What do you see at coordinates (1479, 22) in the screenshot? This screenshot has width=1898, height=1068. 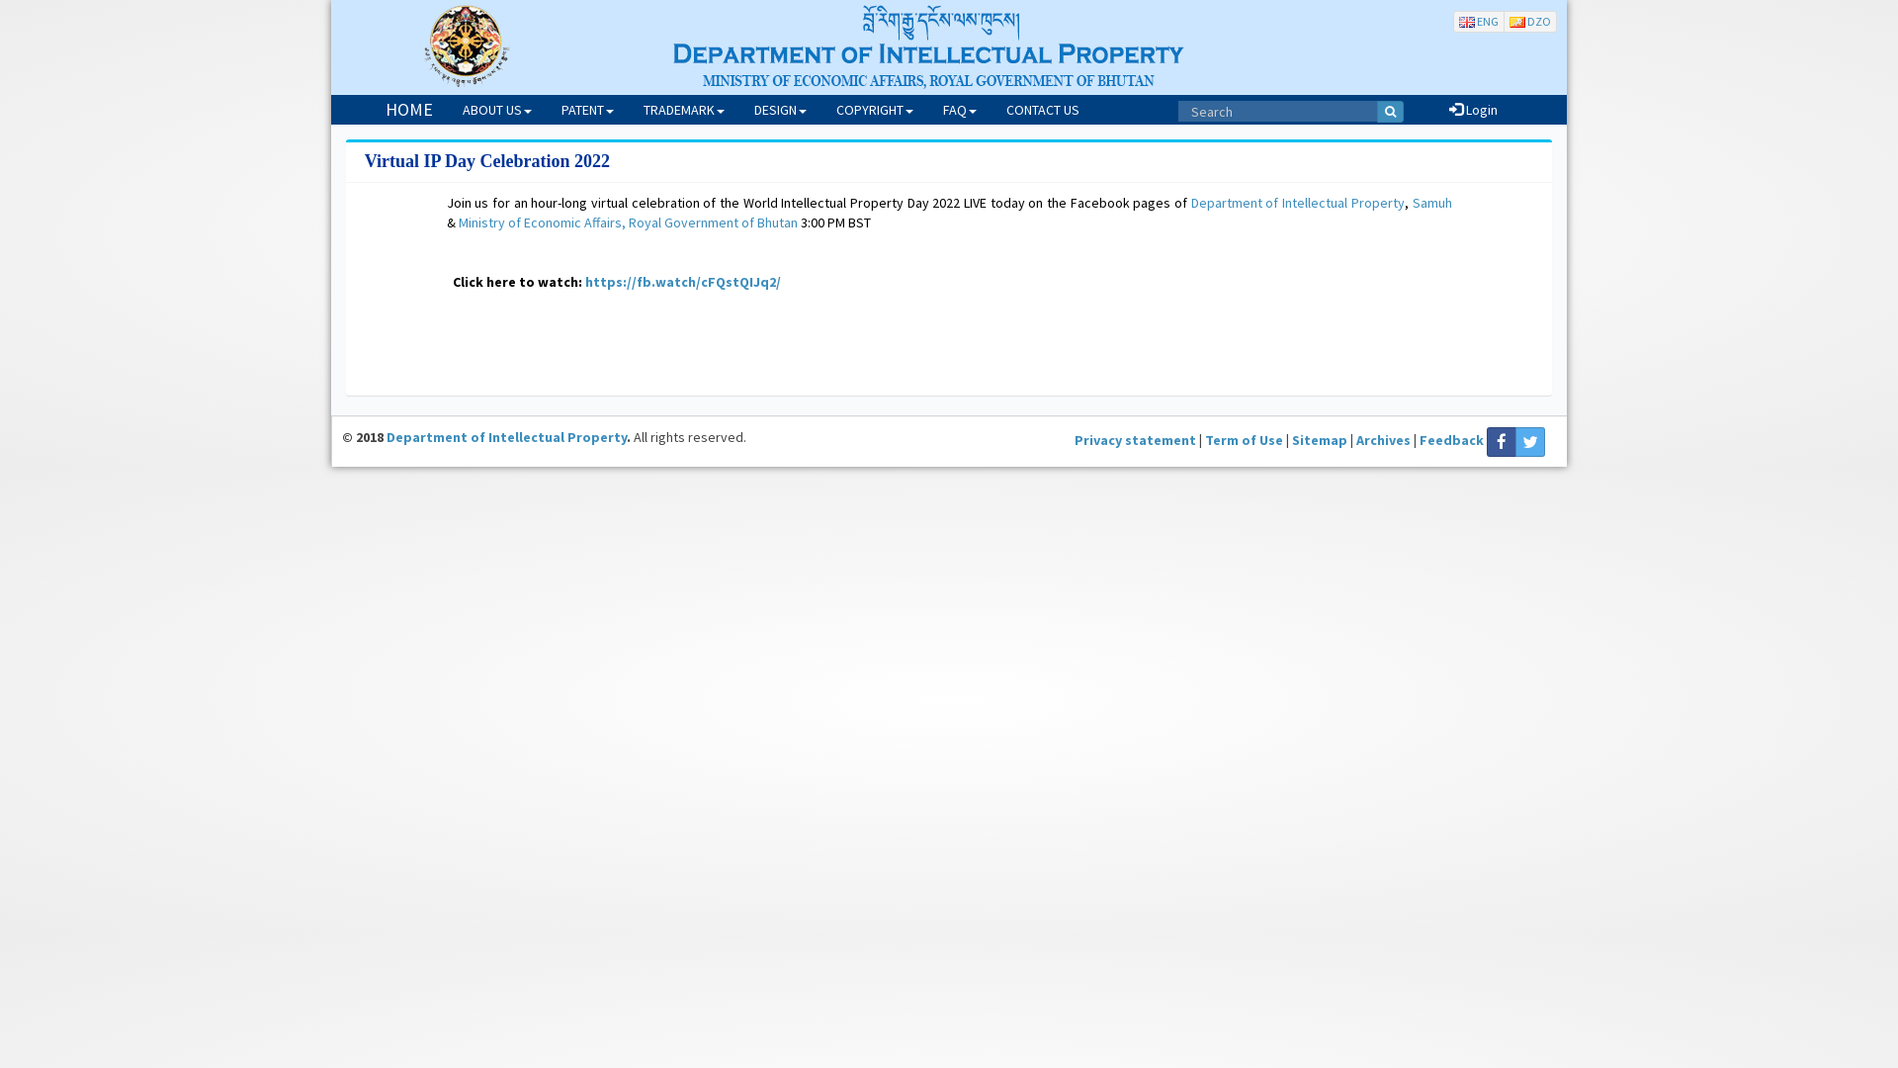 I see `'ENG'` at bounding box center [1479, 22].